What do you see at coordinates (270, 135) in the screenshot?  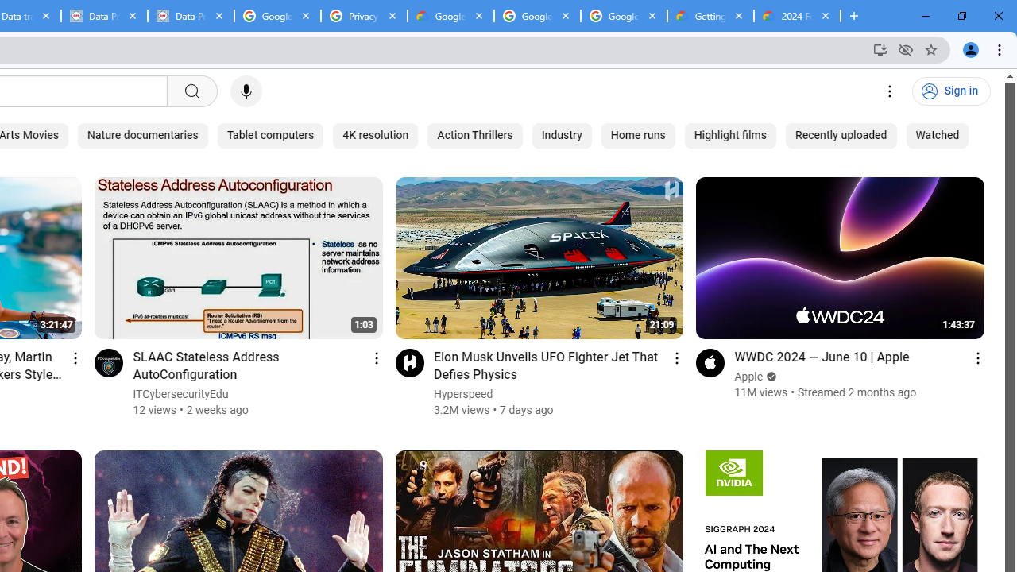 I see `'Tablet computers'` at bounding box center [270, 135].